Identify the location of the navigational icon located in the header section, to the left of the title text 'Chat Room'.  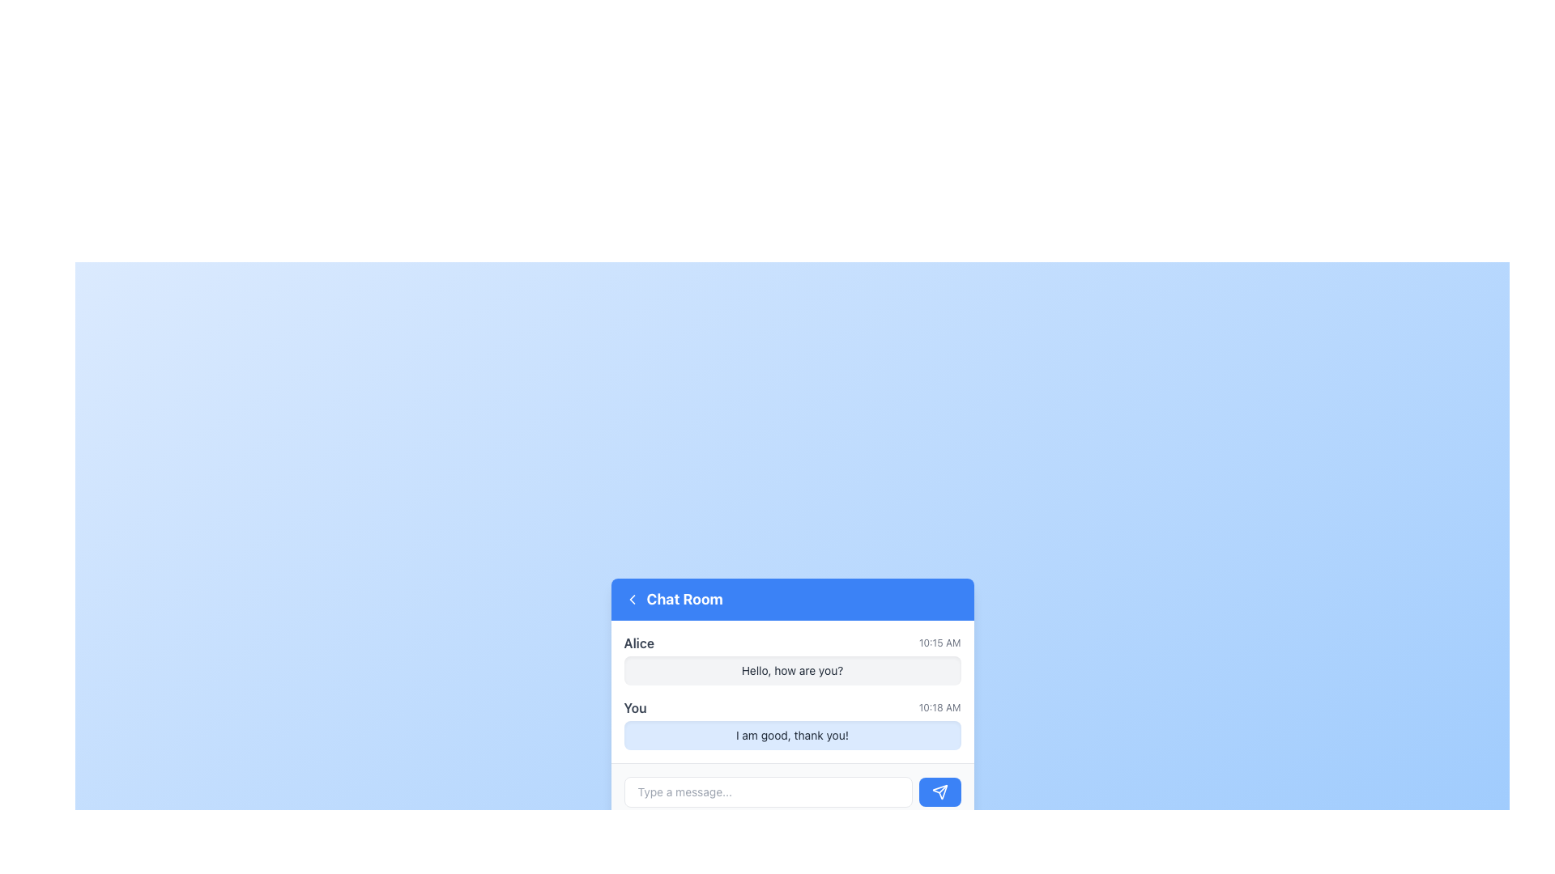
(631, 599).